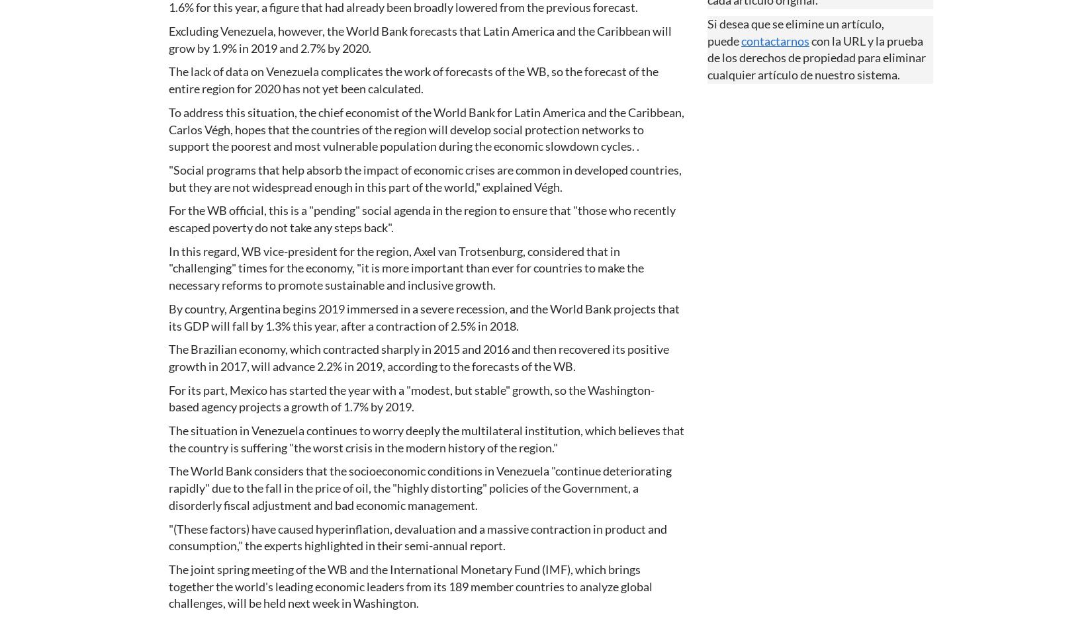 The image size is (1092, 619). Describe the element at coordinates (707, 56) in the screenshot. I see `'con la URL y la prueba de los derechos de propiedad para eliminar cualquier artículo de nuestro sistema.'` at that location.